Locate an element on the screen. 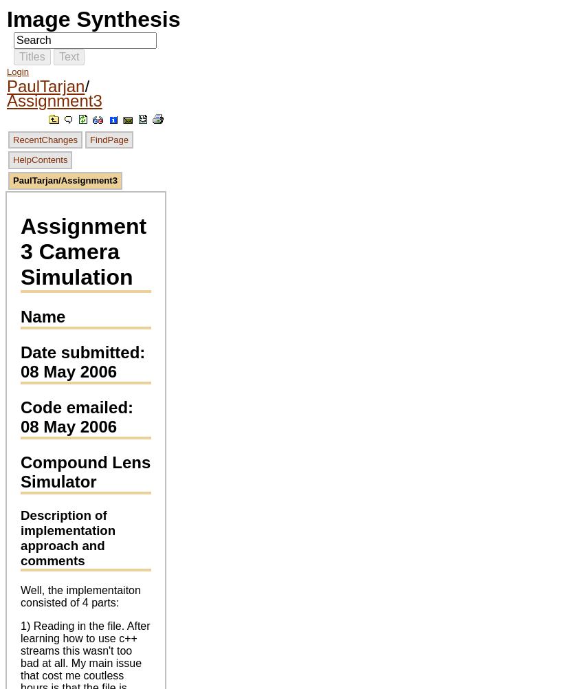 Image resolution: width=585 pixels, height=689 pixels. 'Compound Lens Simulator' is located at coordinates (85, 472).